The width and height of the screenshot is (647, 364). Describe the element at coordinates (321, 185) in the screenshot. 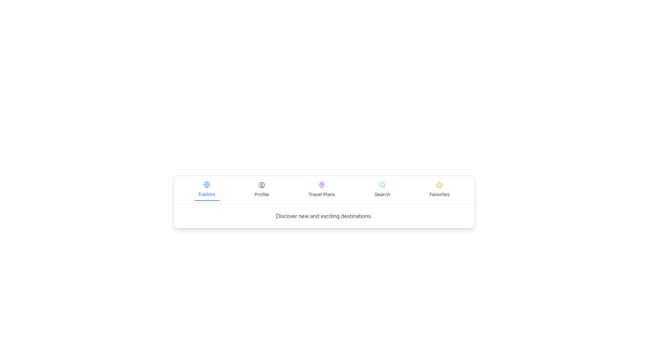

I see `the travel icon located at the top of the 'Travel Plans' section in the bottom navigation bar` at that location.